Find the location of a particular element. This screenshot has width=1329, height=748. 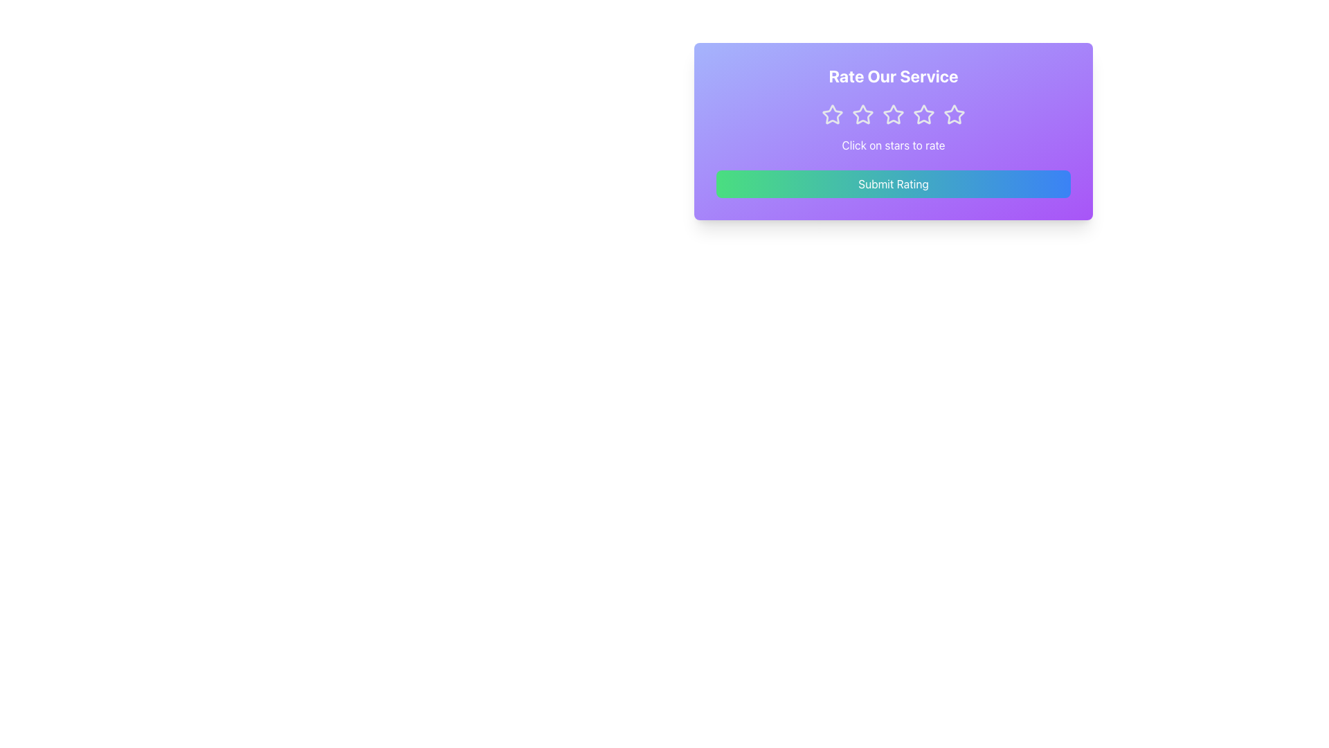

the fifth star in the Interactive Rating Star Icon group is located at coordinates (953, 114).